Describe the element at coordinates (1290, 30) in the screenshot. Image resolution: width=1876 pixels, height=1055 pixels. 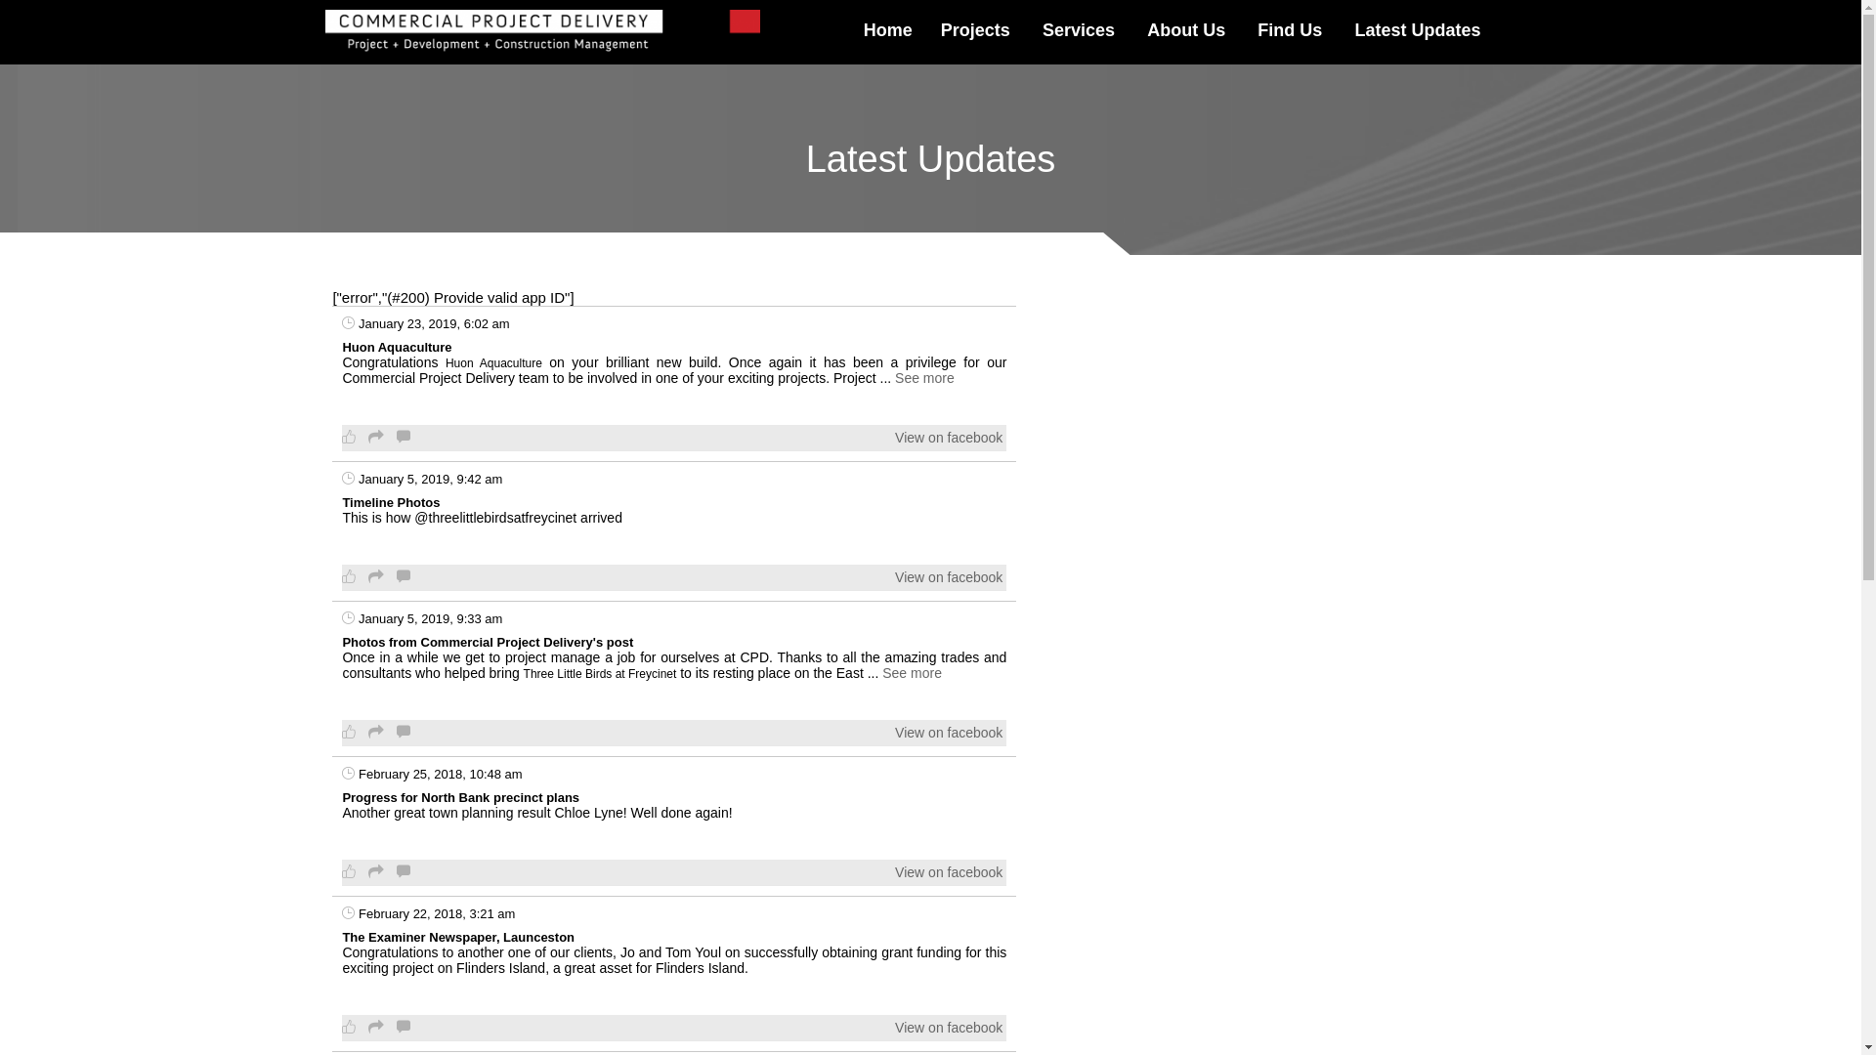
I see `'Find Us'` at that location.